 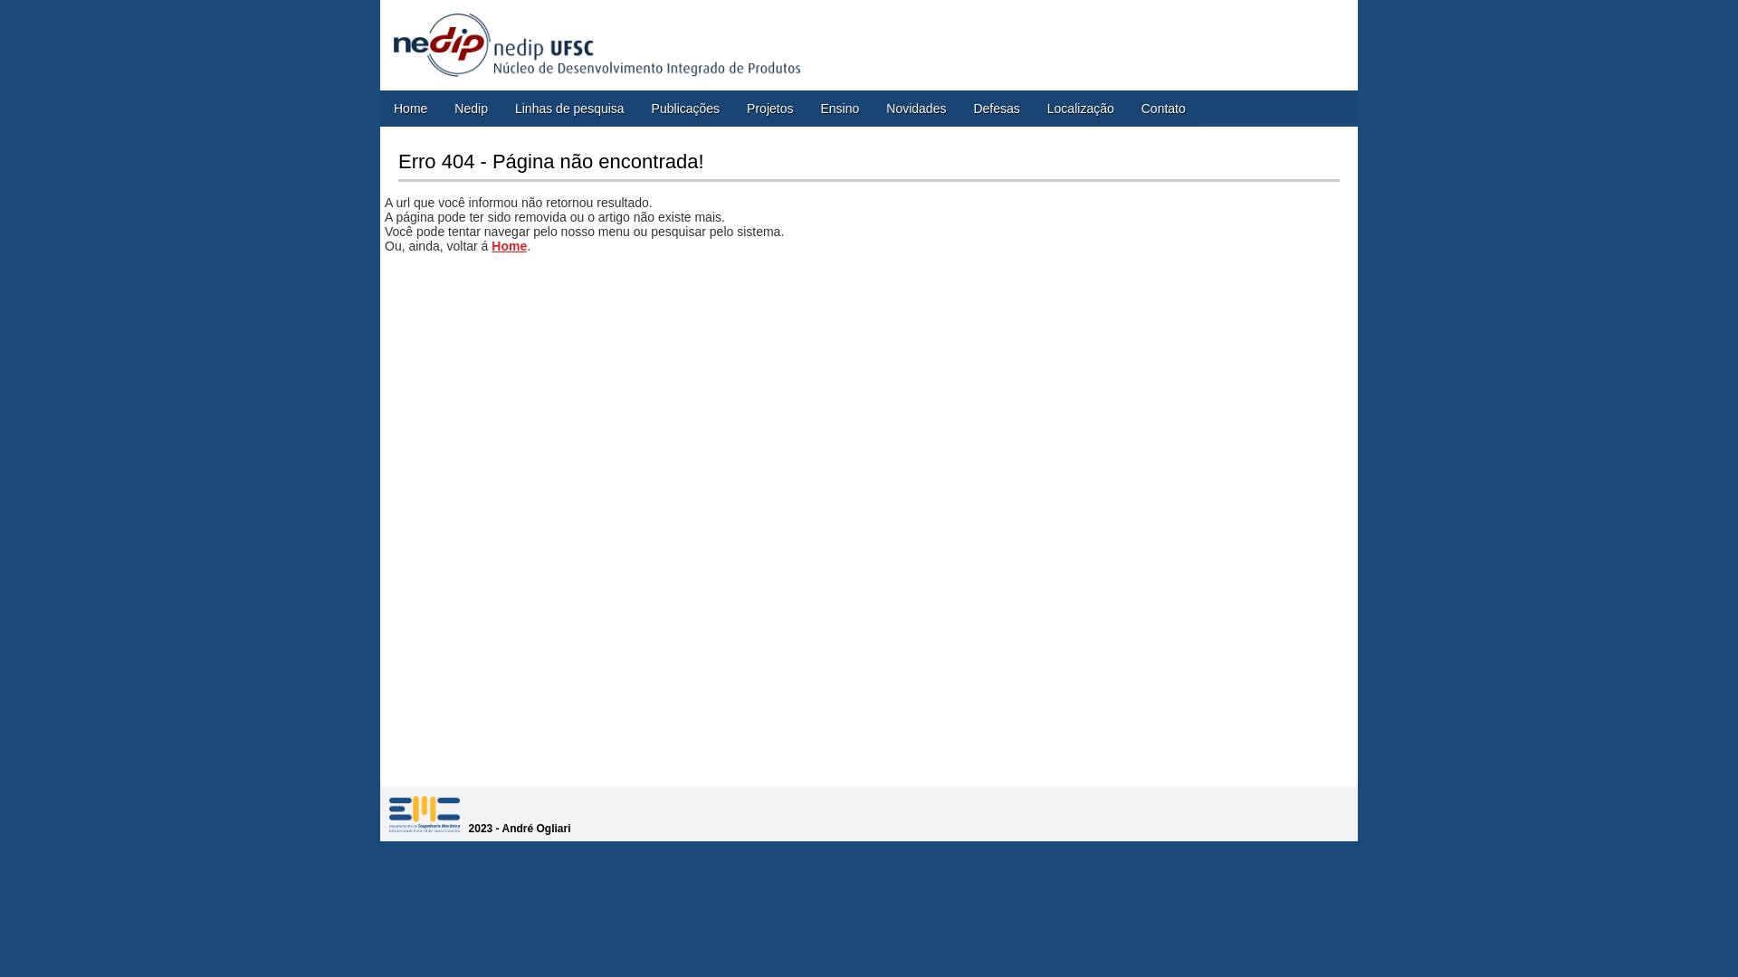 What do you see at coordinates (568, 108) in the screenshot?
I see `'Linhas de pesquisa'` at bounding box center [568, 108].